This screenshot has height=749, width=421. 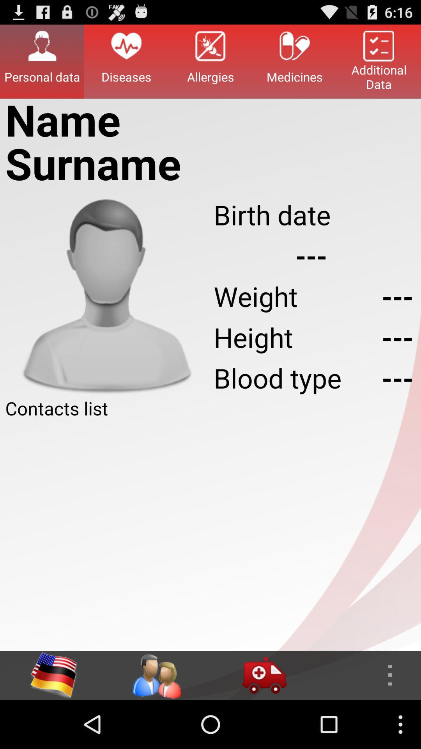 What do you see at coordinates (210, 535) in the screenshot?
I see `type in contacts list details` at bounding box center [210, 535].